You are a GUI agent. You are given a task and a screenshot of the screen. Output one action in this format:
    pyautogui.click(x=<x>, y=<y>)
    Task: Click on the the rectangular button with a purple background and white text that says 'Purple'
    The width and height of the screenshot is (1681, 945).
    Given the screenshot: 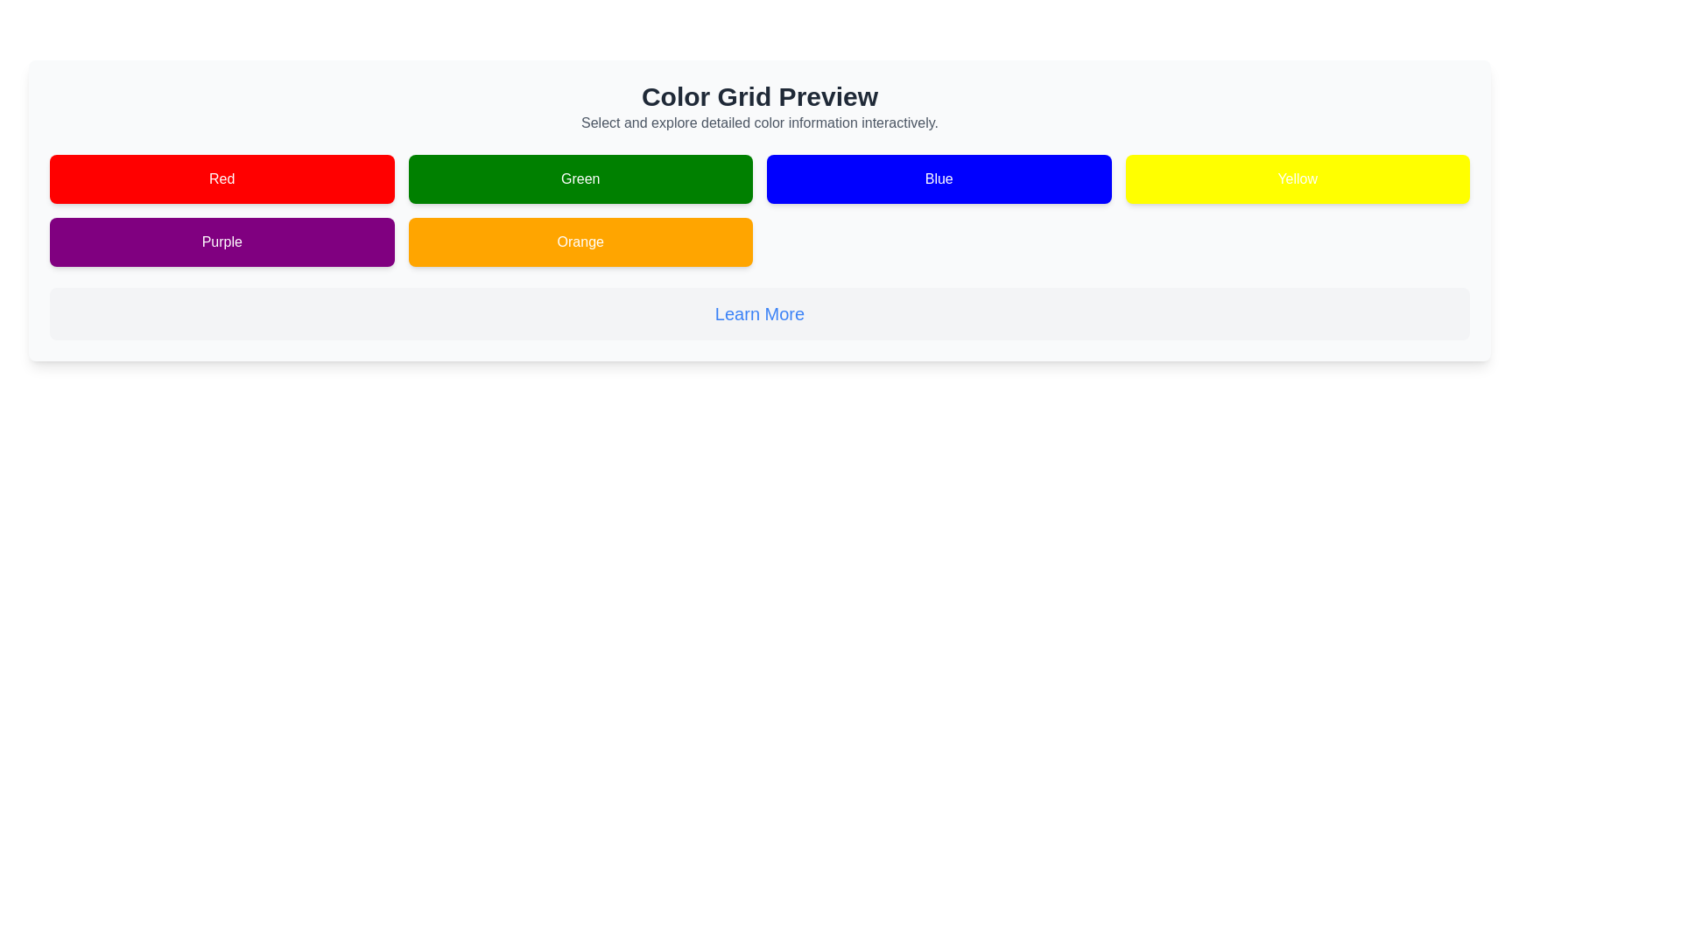 What is the action you would take?
    pyautogui.click(x=221, y=242)
    